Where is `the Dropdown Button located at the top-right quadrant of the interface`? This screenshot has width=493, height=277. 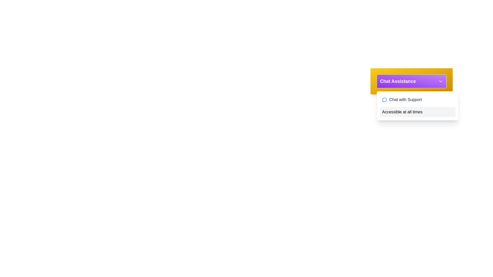 the Dropdown Button located at the top-right quadrant of the interface is located at coordinates (412, 81).